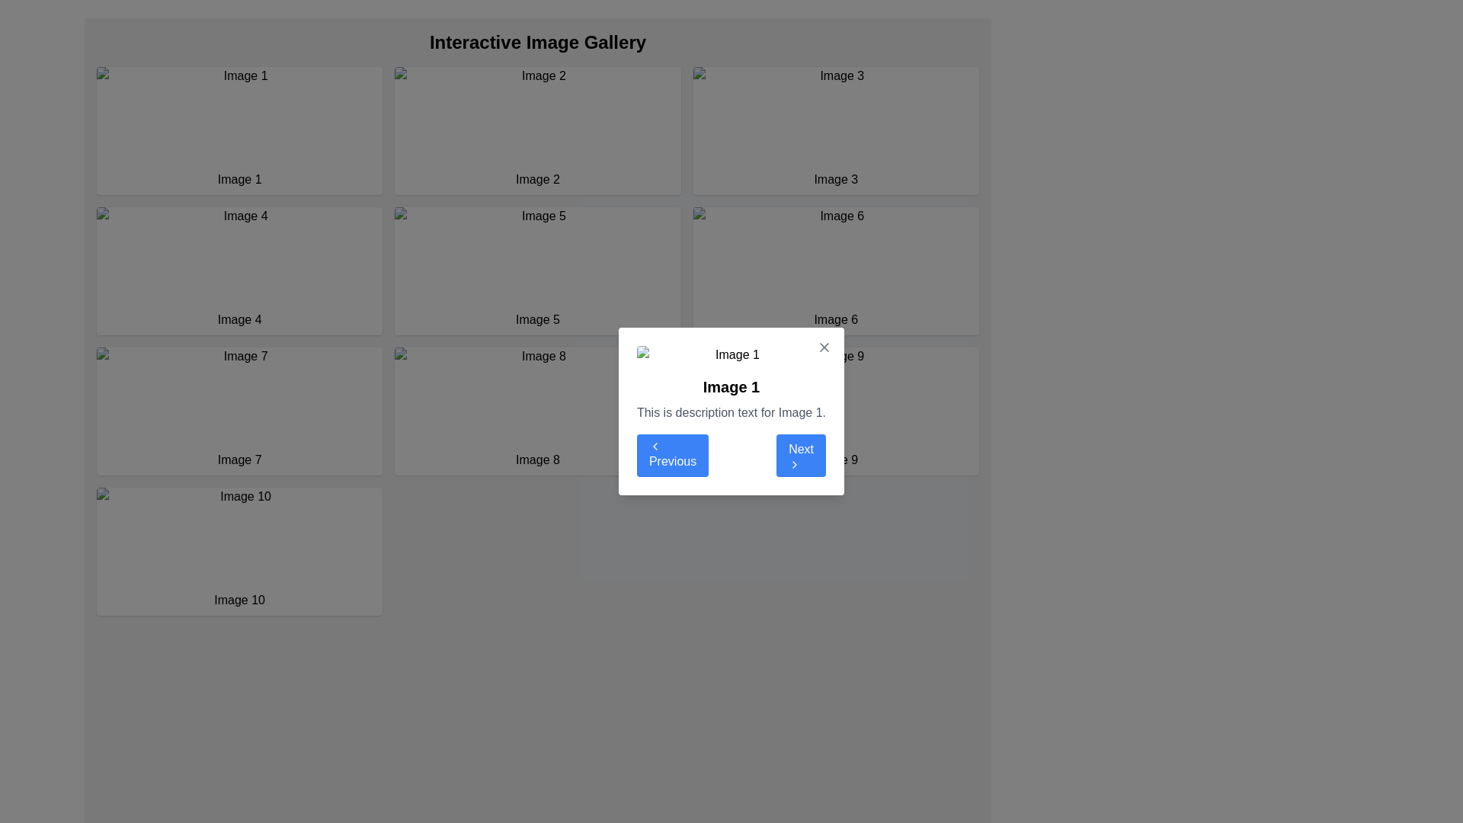 The width and height of the screenshot is (1463, 823). I want to click on the 'Previous' button located at the bottom center of the dialog box, so click(672, 454).